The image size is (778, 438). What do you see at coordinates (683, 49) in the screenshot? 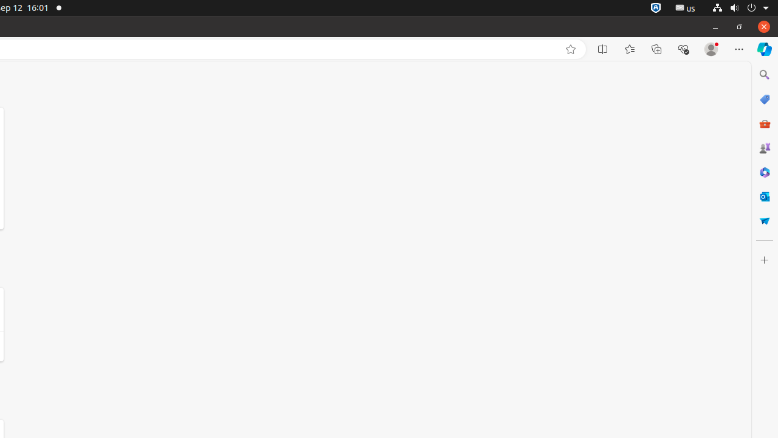
I see `'Browser essentials'` at bounding box center [683, 49].